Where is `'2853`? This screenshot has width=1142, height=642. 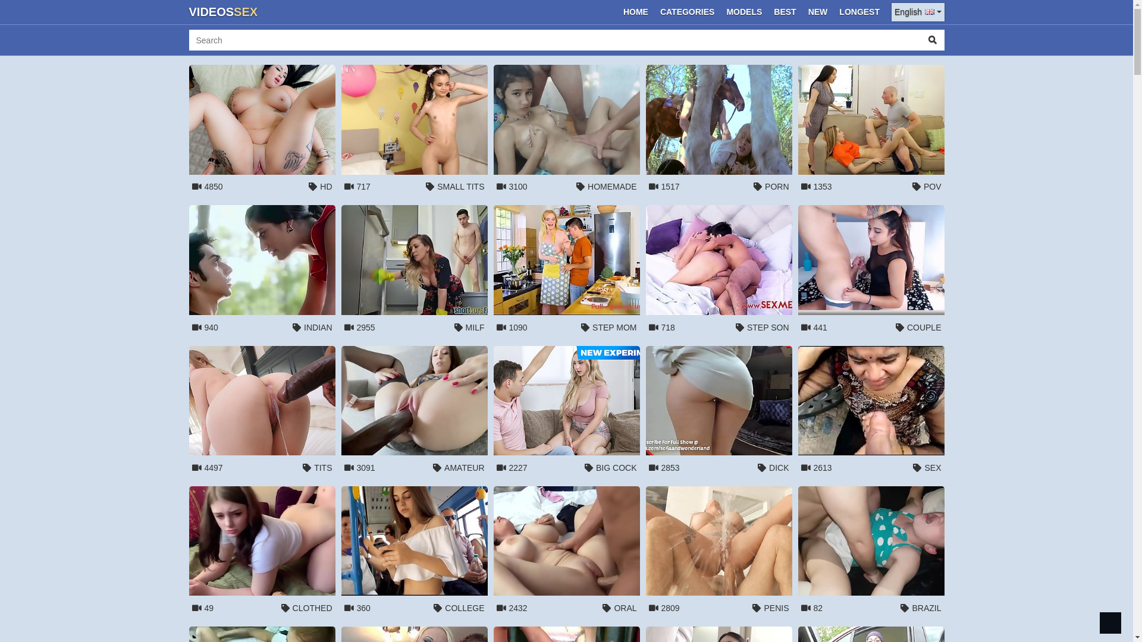
'2853 is located at coordinates (719, 412).